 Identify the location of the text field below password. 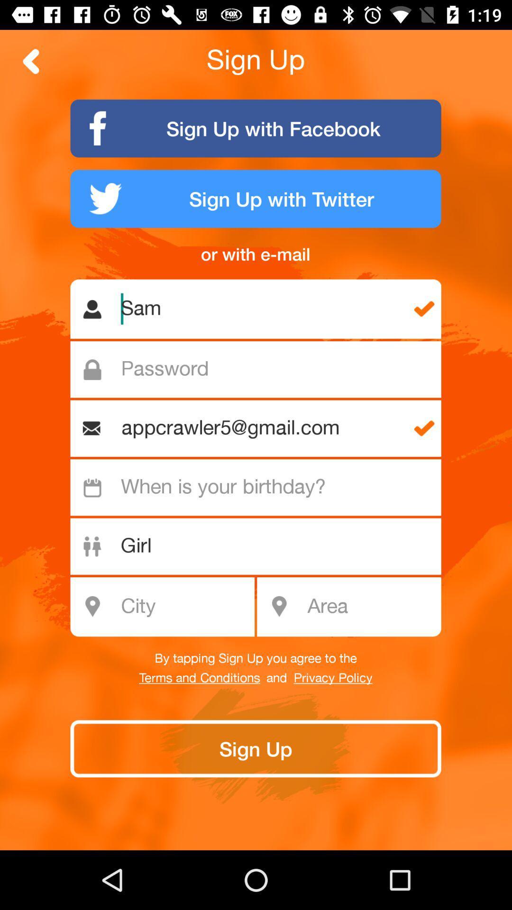
(260, 428).